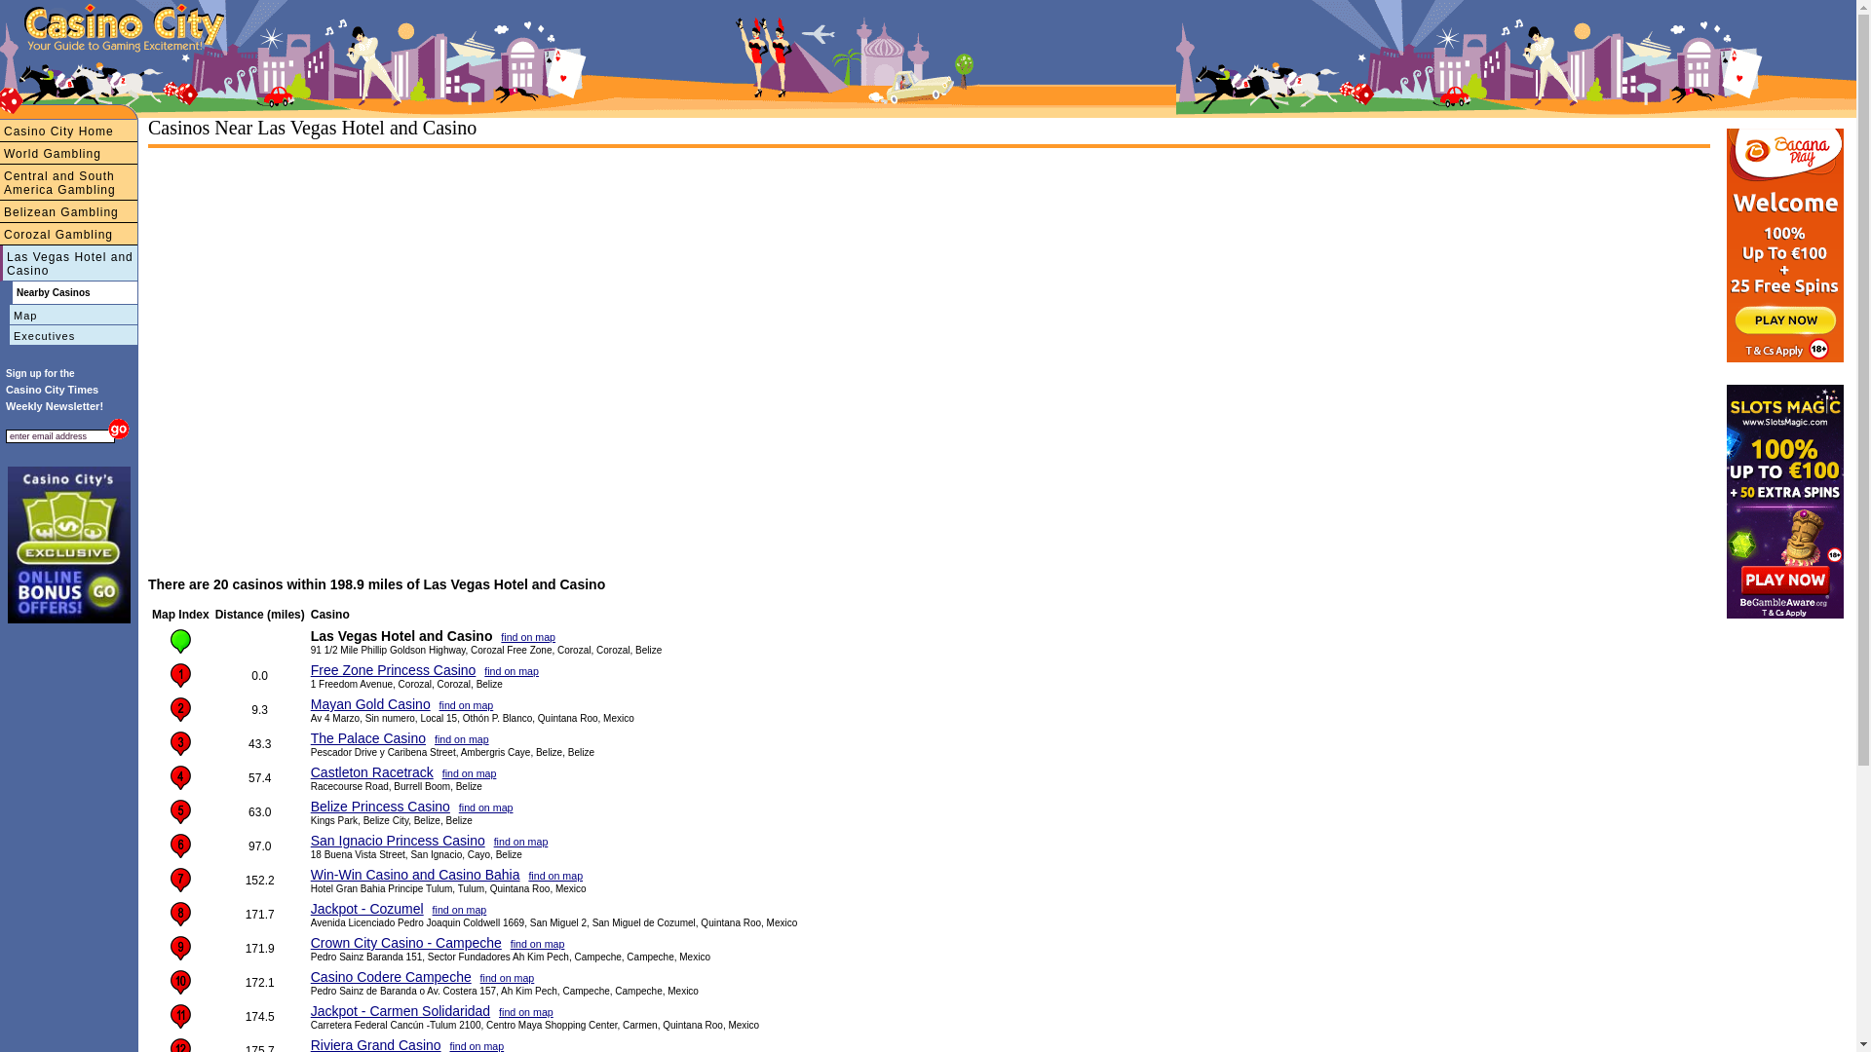 The height and width of the screenshot is (1052, 1871). What do you see at coordinates (368, 738) in the screenshot?
I see `'The Palace Casino'` at bounding box center [368, 738].